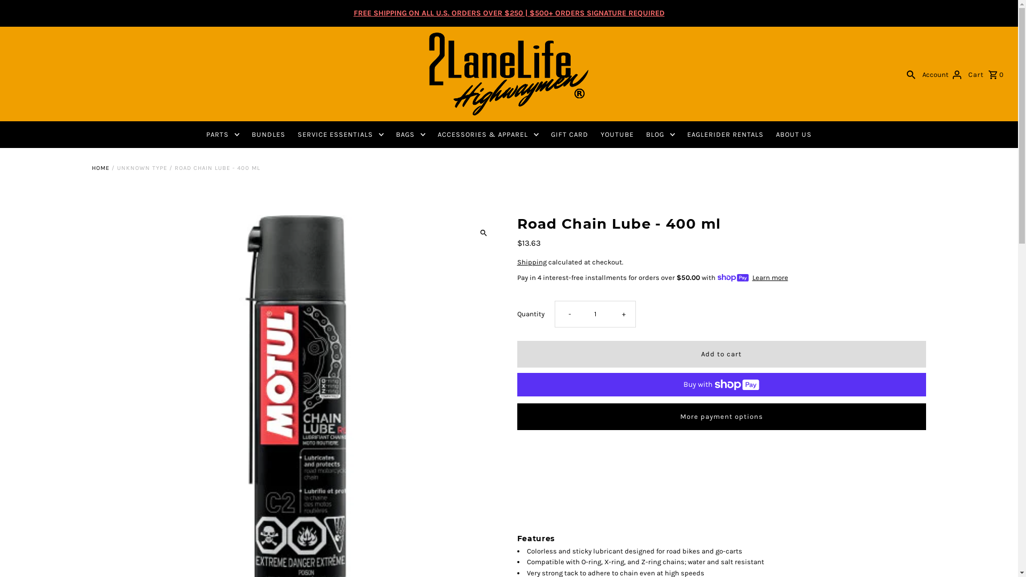 This screenshot has width=1026, height=577. I want to click on 'Increase quantity for Road Chain Lube - 400 ml, so click(621, 313).